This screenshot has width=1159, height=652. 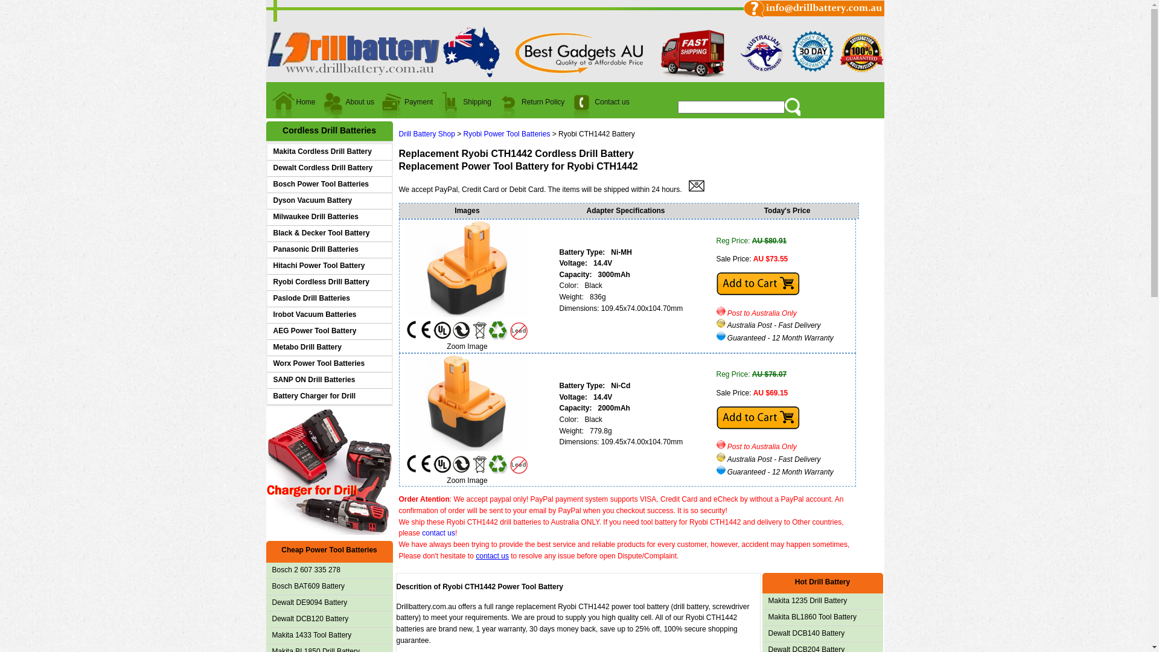 I want to click on 'Contact us', so click(x=570, y=106).